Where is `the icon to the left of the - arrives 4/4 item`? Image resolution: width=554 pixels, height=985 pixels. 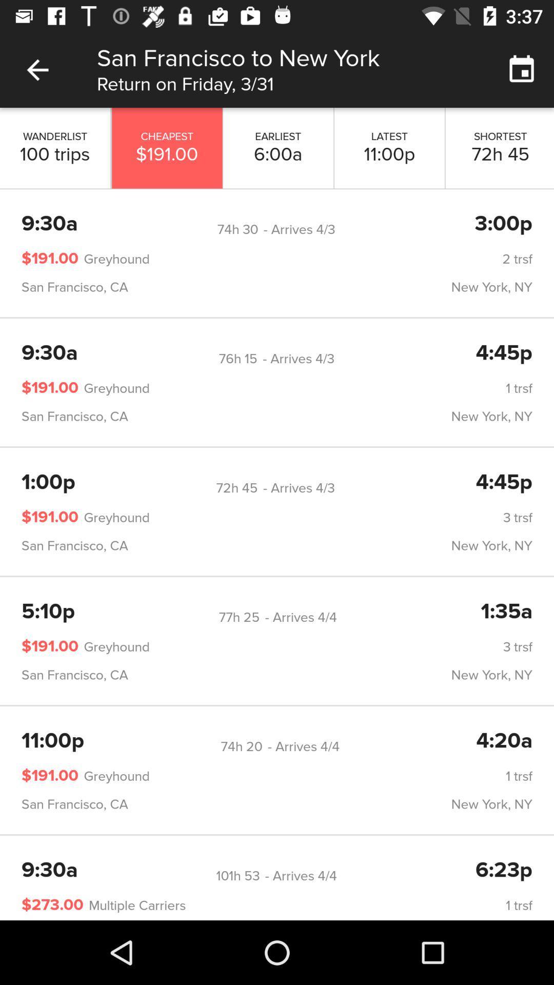 the icon to the left of the - arrives 4/4 item is located at coordinates (239, 617).